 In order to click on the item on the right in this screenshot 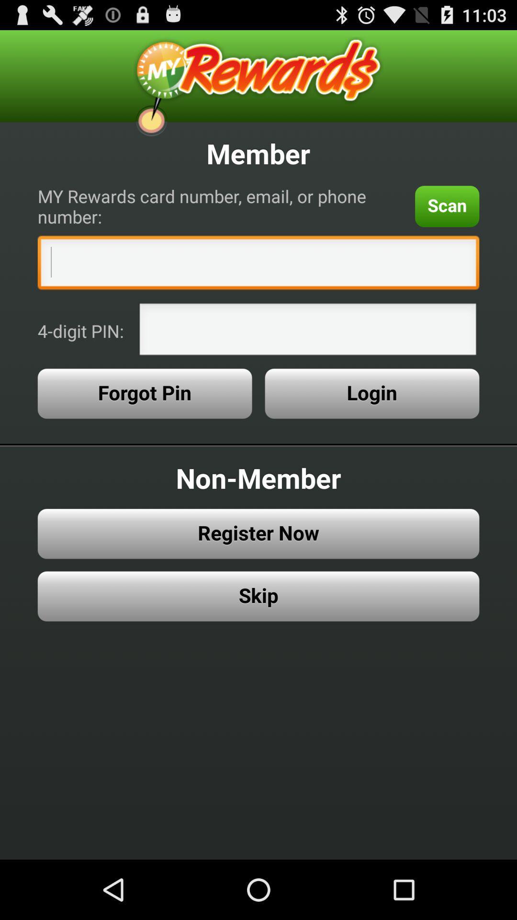, I will do `click(371, 393)`.